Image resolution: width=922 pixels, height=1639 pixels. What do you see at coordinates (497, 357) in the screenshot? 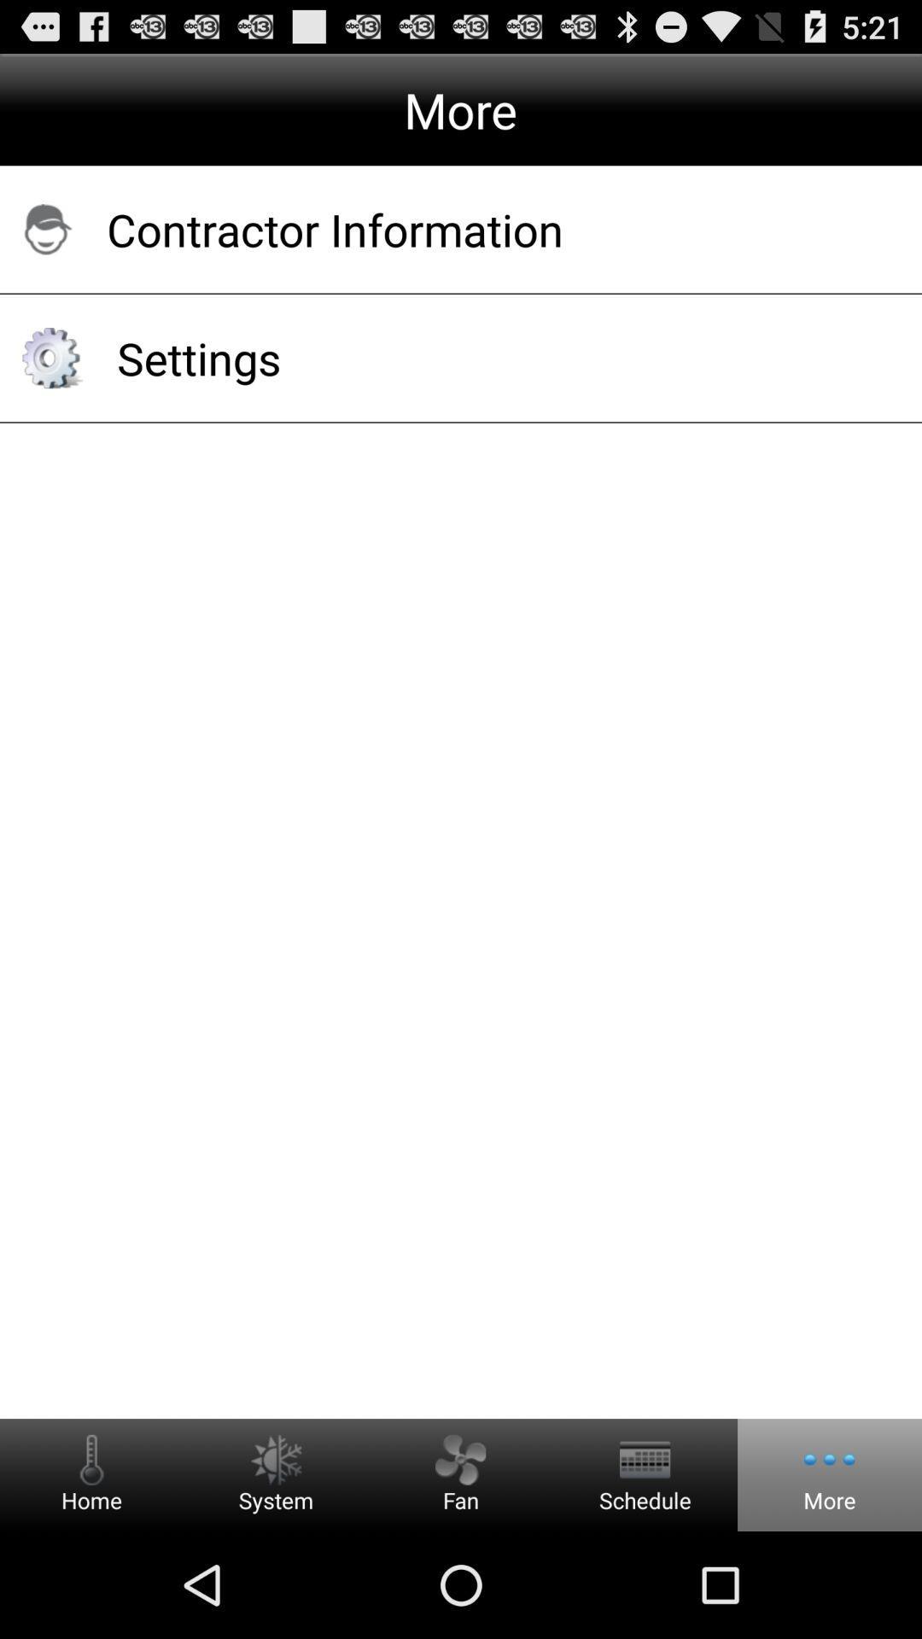
I see `the icon below contractor information item` at bounding box center [497, 357].